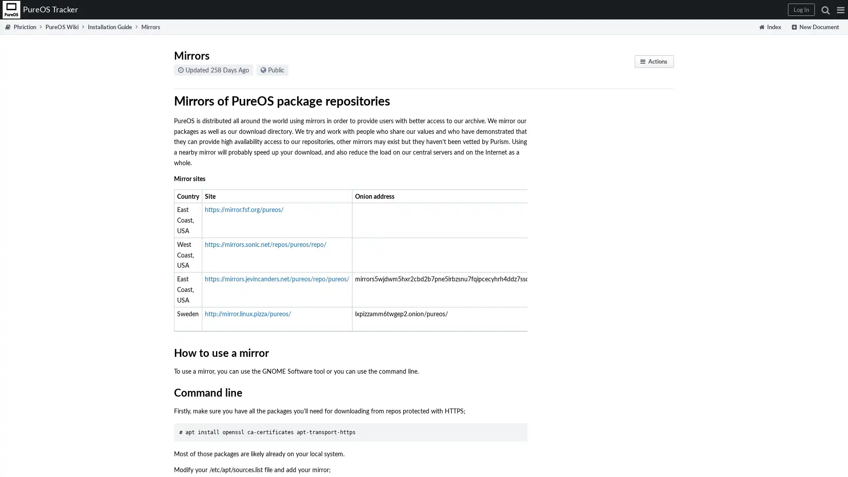 This screenshot has height=477, width=848. I want to click on Actions, so click(654, 61).